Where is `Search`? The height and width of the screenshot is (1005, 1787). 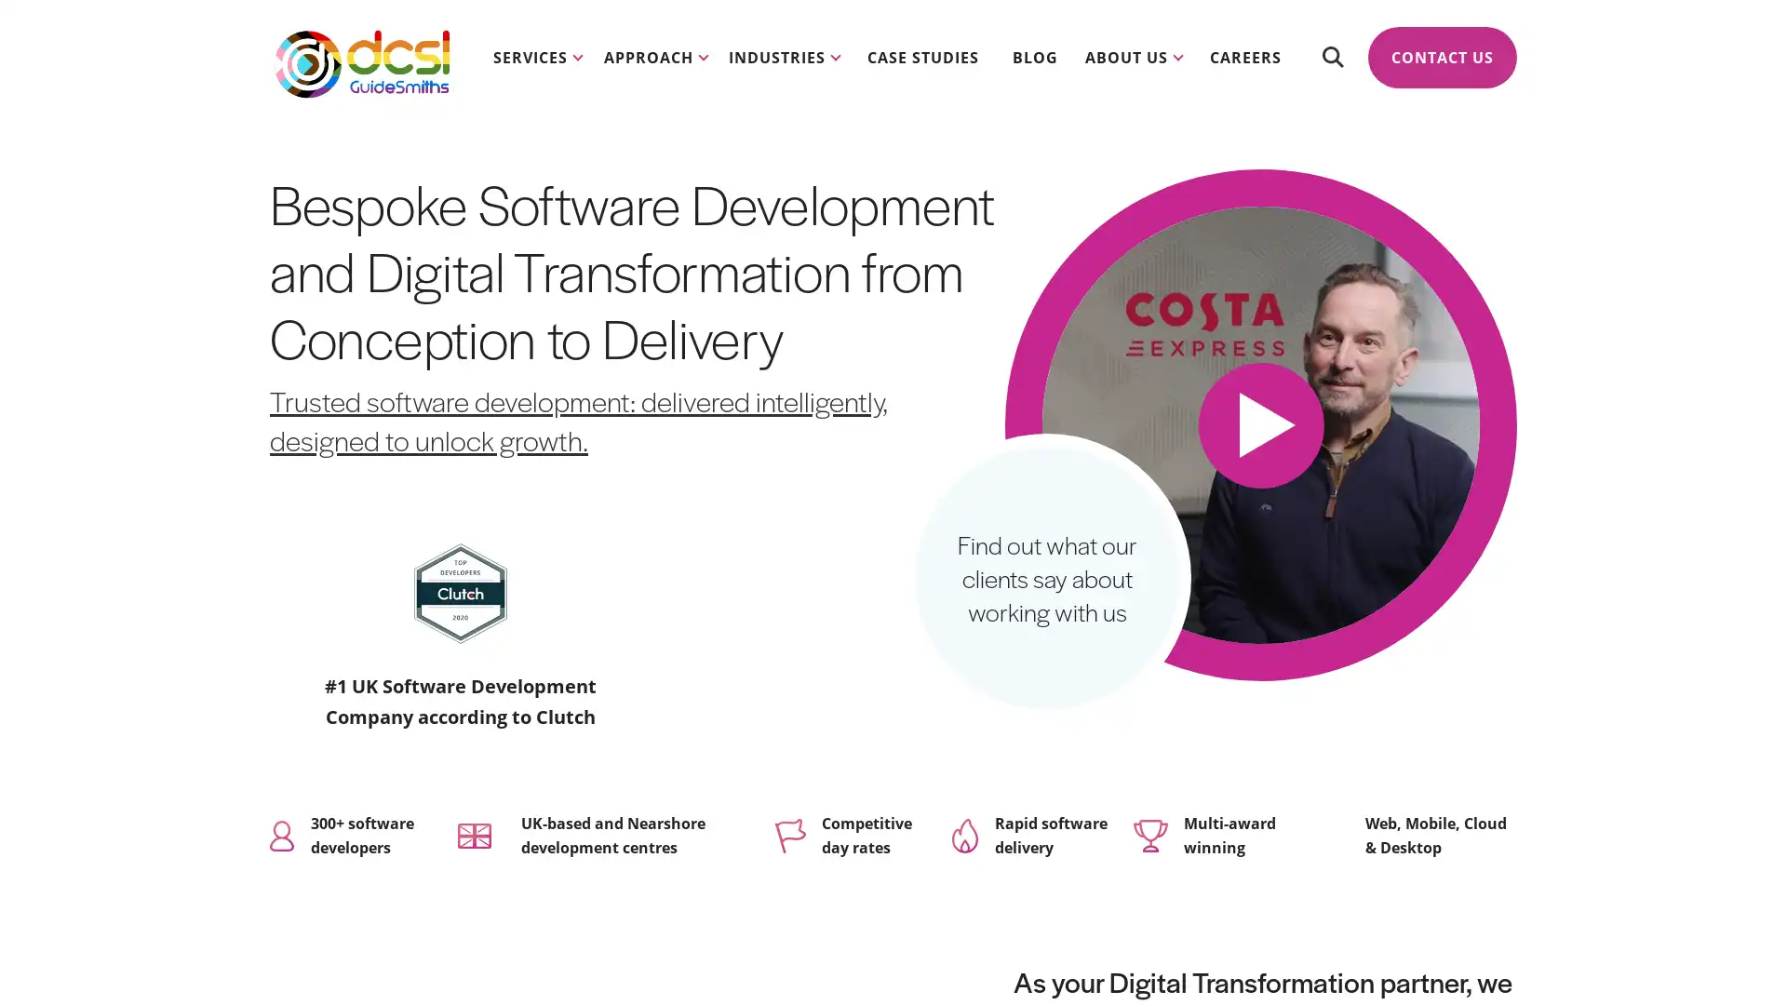
Search is located at coordinates (1331, 56).